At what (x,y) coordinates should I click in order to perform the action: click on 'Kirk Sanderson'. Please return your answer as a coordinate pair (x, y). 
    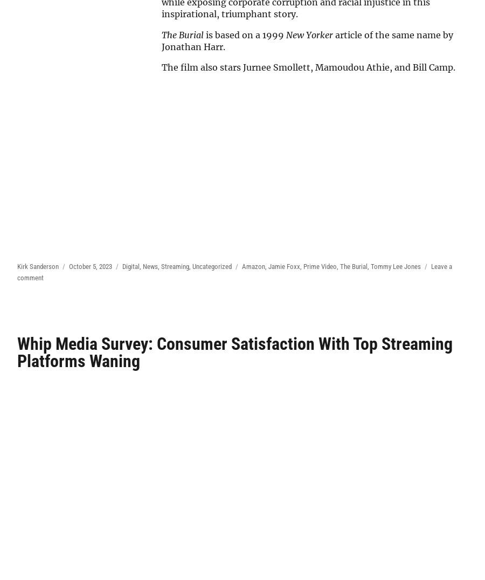
    Looking at the image, I should click on (37, 265).